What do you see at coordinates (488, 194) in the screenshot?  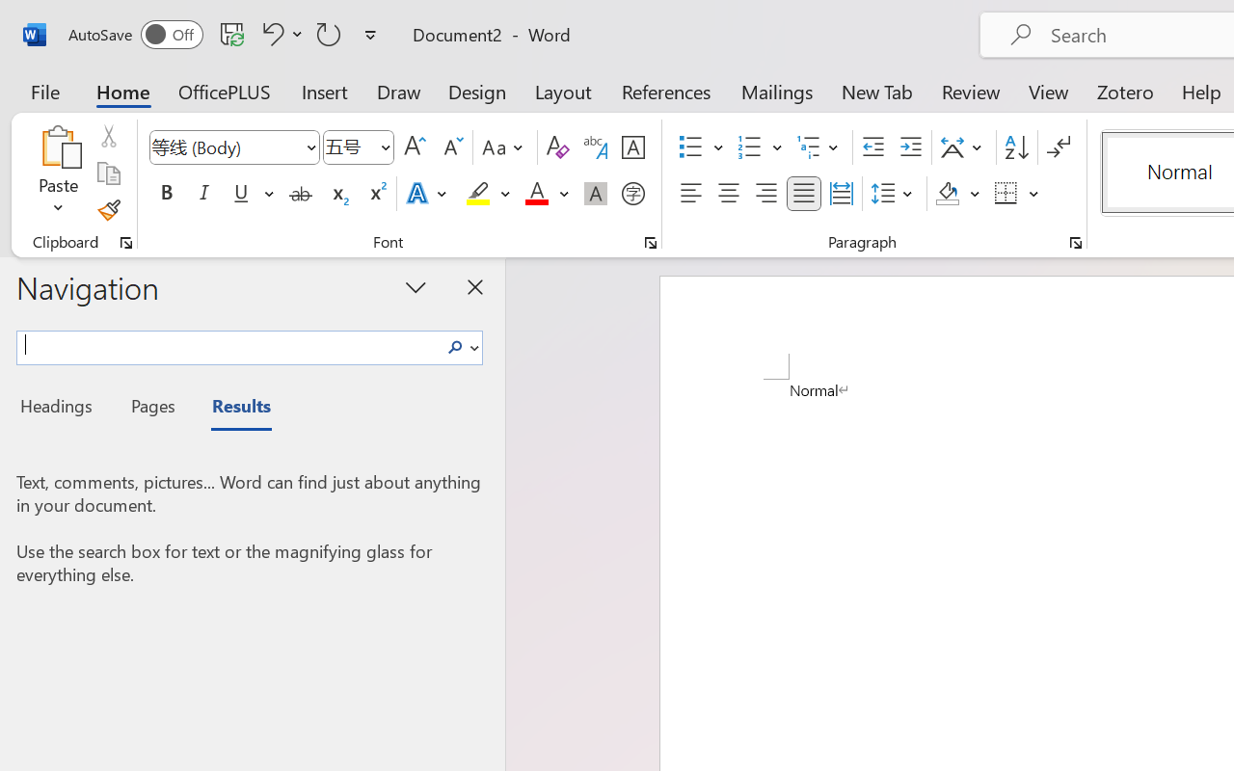 I see `'Text Highlight Color'` at bounding box center [488, 194].